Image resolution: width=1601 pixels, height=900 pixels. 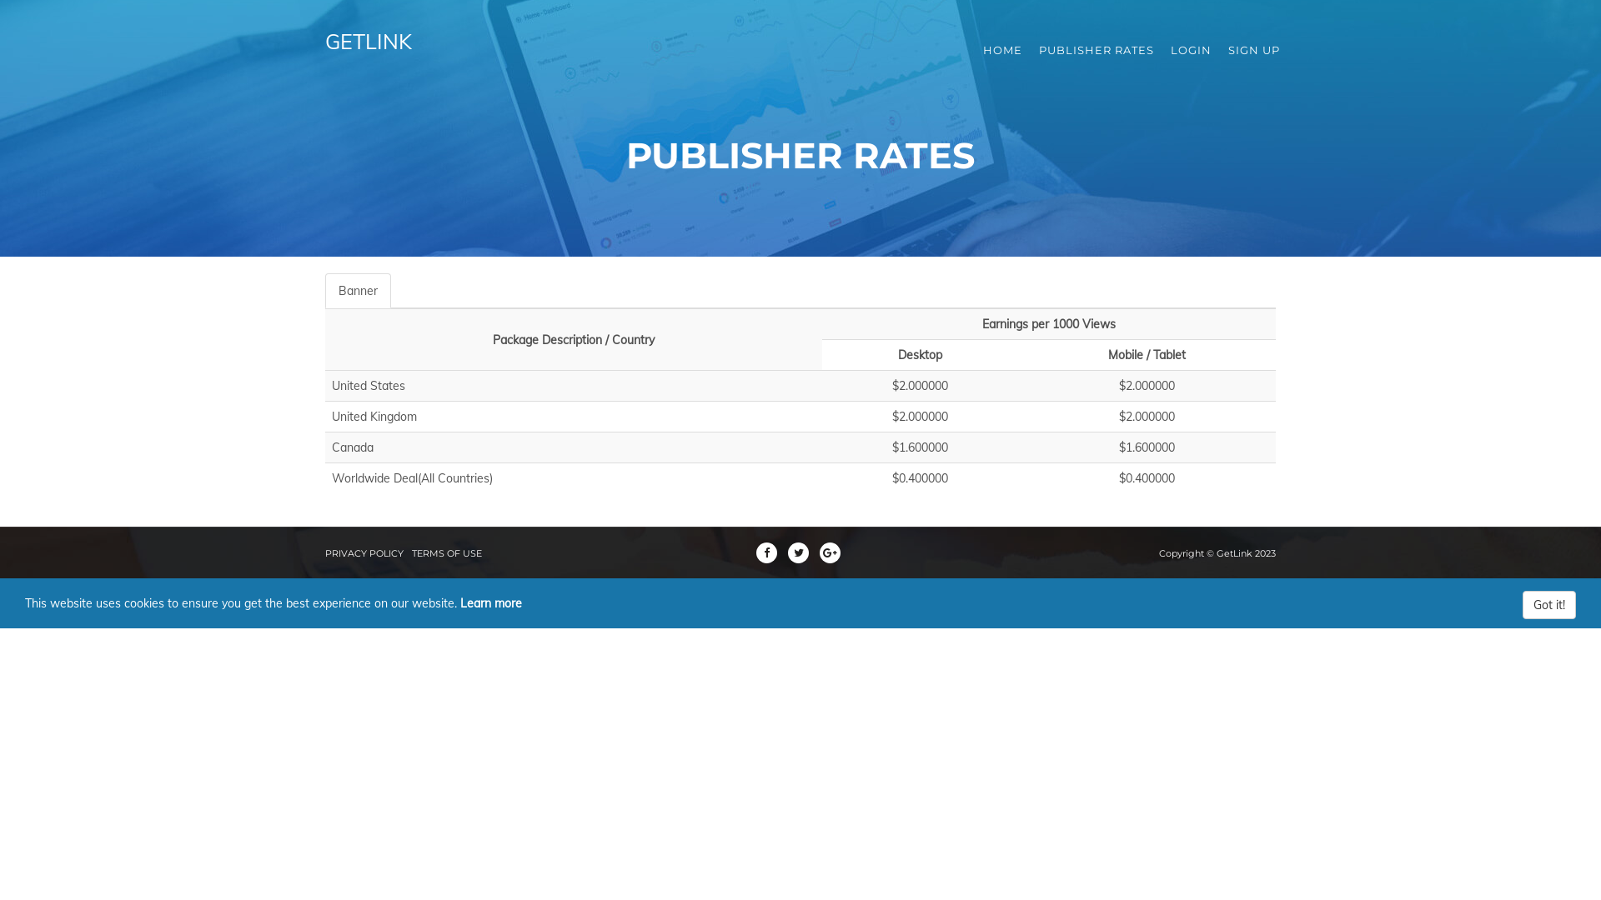 What do you see at coordinates (357, 289) in the screenshot?
I see `'Banner'` at bounding box center [357, 289].